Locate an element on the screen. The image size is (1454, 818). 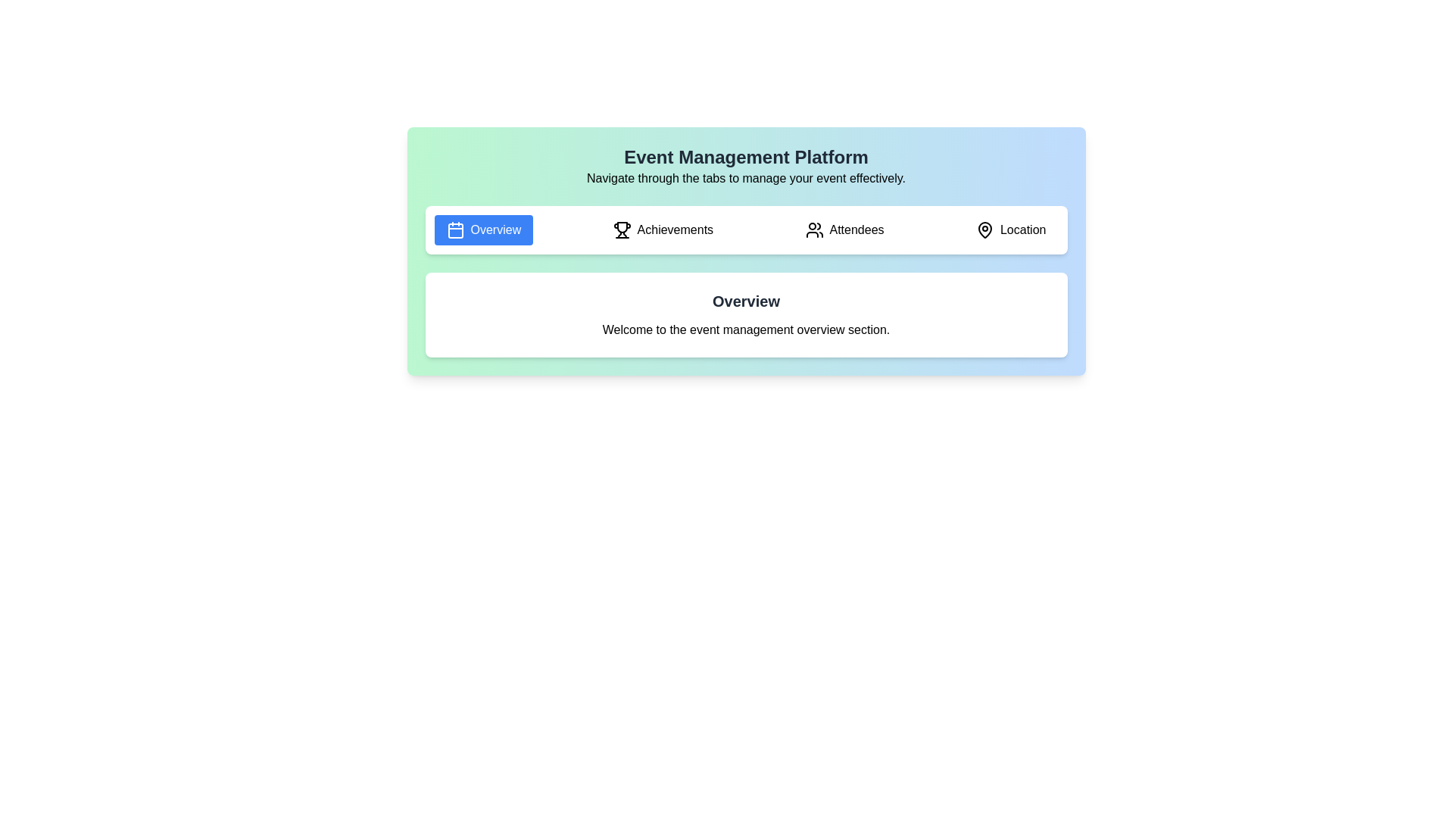
the 'Attendees' navigational tab in the horizontal navigation bar is located at coordinates (856, 230).